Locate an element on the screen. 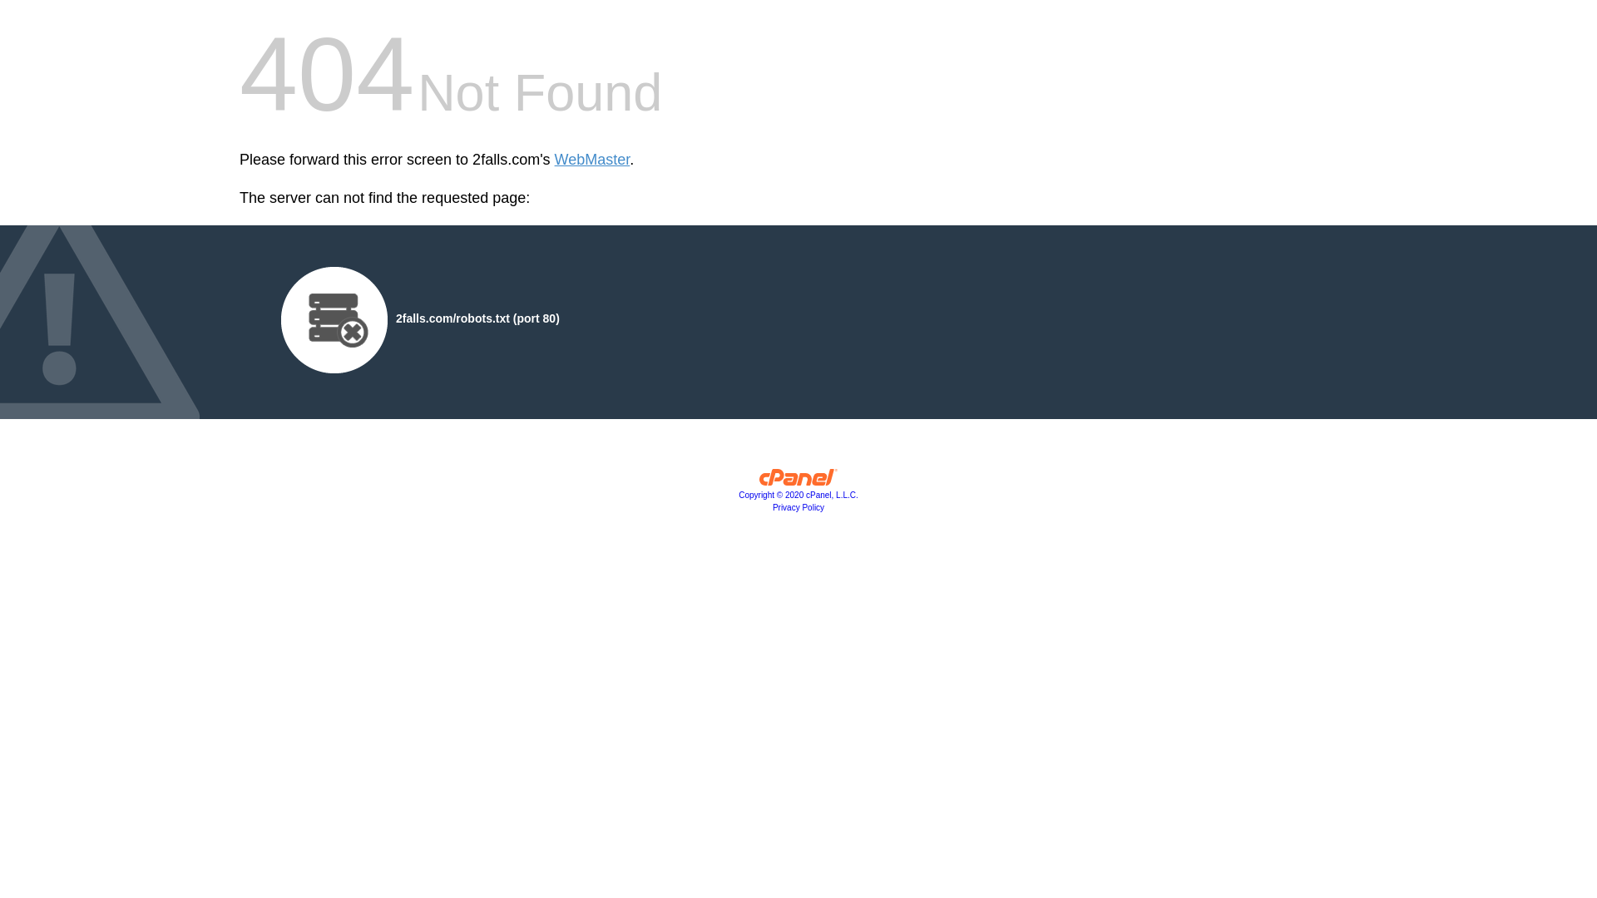  'WebMaster' is located at coordinates (592, 160).